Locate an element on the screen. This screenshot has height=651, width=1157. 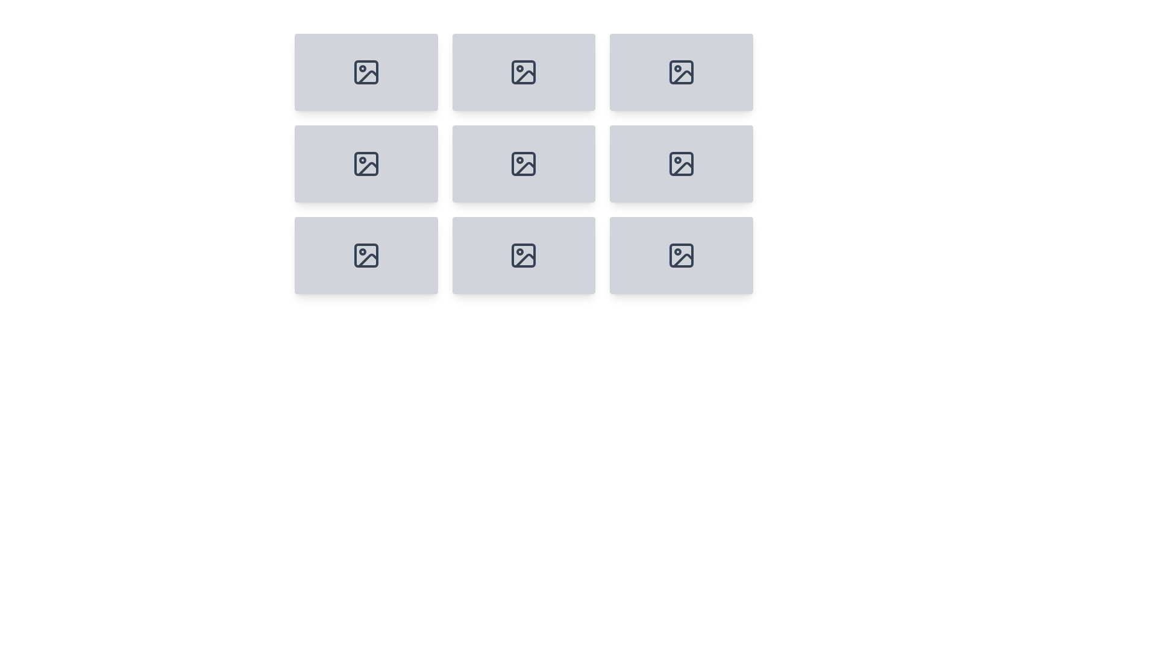
the card-like component in the top-left corner of the 3x3 grid layout, which features a centered image placeholder icon and description text is located at coordinates (365, 72).